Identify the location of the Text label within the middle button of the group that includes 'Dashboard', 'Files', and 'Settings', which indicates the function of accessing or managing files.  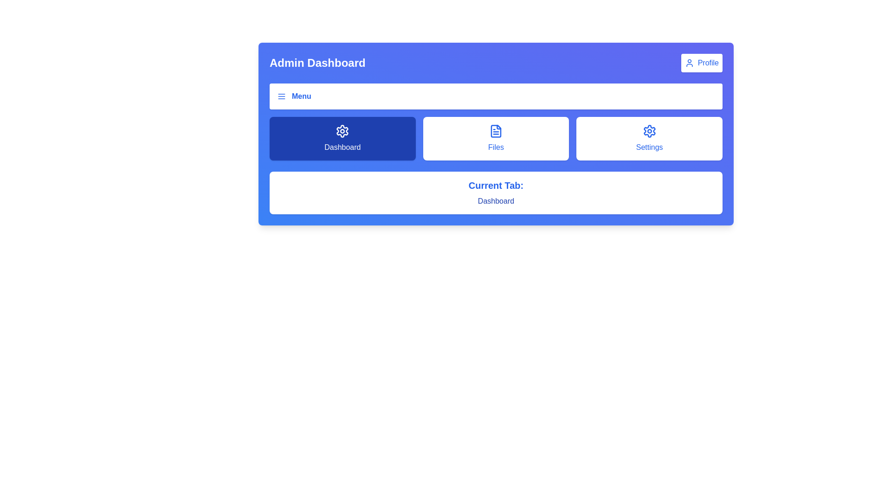
(496, 147).